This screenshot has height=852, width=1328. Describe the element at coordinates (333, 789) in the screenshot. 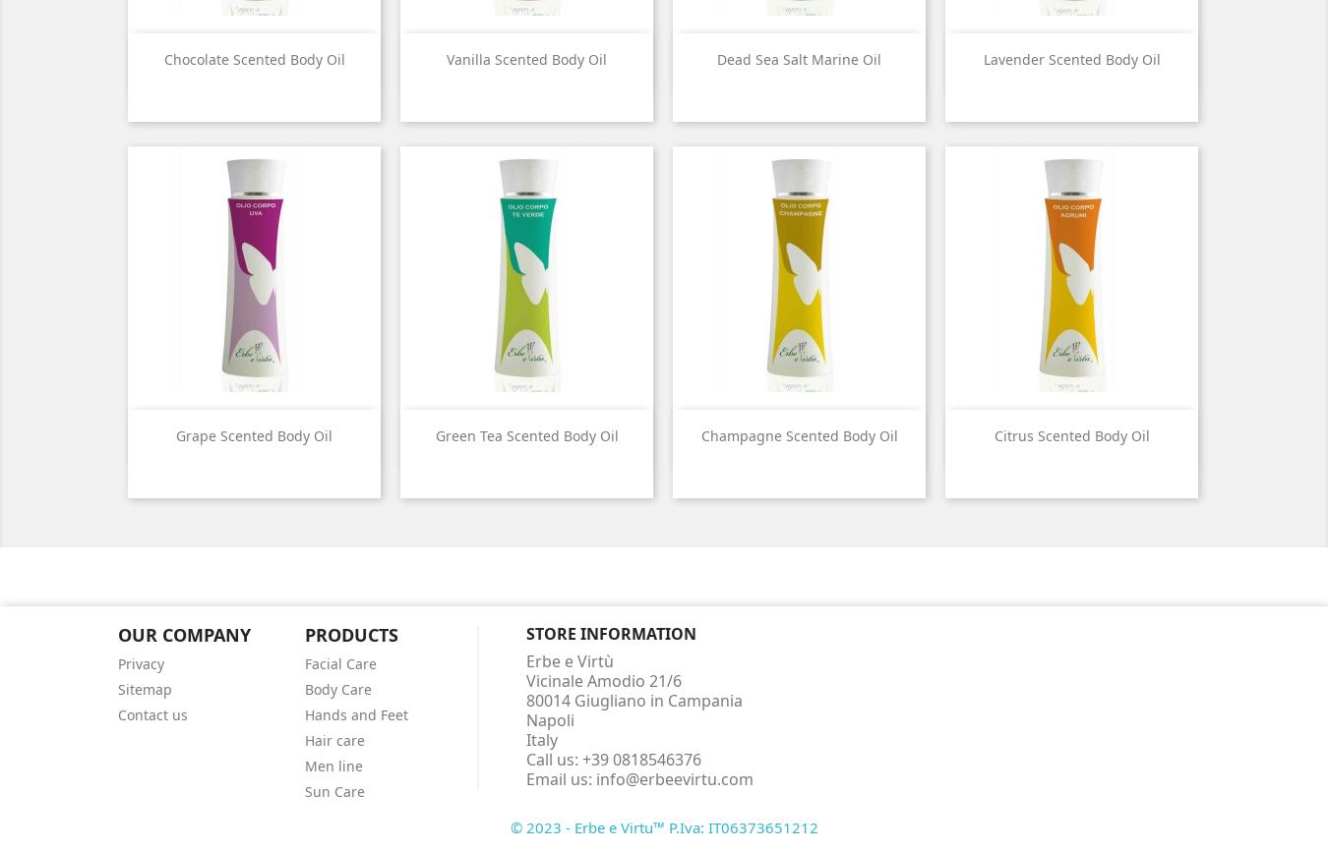

I see `'Sun Care'` at that location.